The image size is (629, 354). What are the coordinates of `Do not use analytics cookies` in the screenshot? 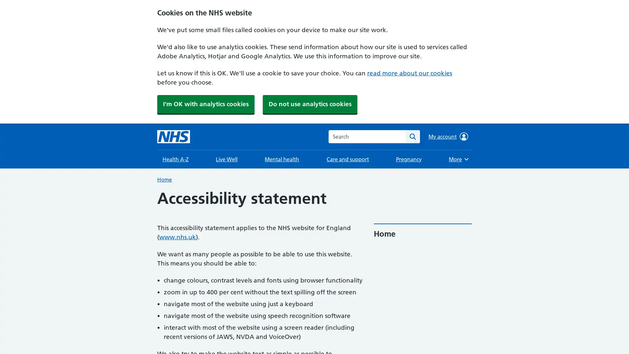 It's located at (310, 104).